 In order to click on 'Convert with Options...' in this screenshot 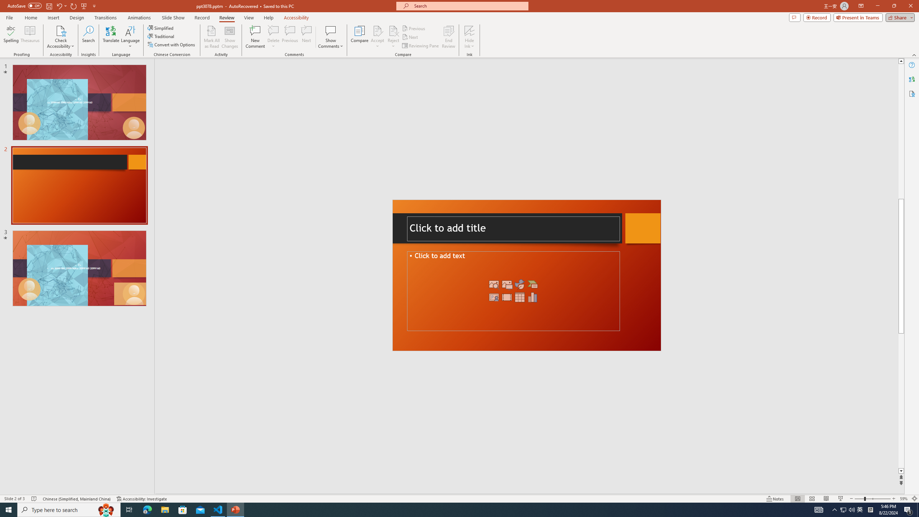, I will do `click(171, 44)`.